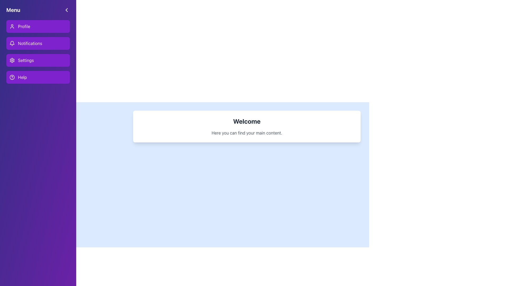 The height and width of the screenshot is (286, 508). I want to click on the 'Welcome' text label, which is styled in bold and positioned at the top of a white card interface, so click(246, 121).